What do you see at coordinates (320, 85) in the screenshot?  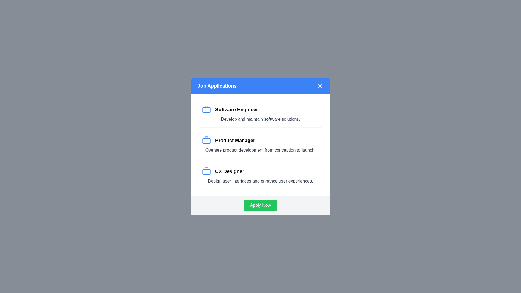 I see `the close button represented by a small 'X' icon on a circular blue background located in the top-right corner of the 'Job Applications' header` at bounding box center [320, 85].